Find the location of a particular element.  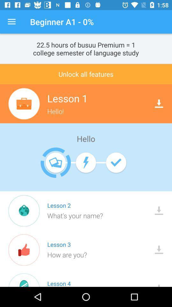

the second icon below hello is located at coordinates (86, 162).